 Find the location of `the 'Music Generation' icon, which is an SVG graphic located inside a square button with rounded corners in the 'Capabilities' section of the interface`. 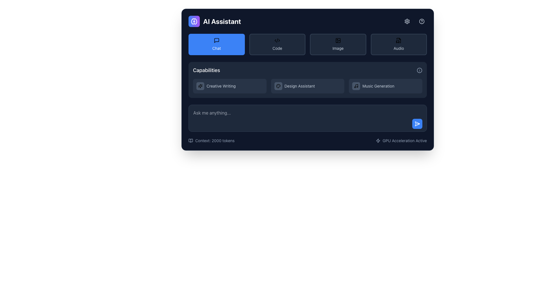

the 'Music Generation' icon, which is an SVG graphic located inside a square button with rounded corners in the 'Capabilities' section of the interface is located at coordinates (356, 86).